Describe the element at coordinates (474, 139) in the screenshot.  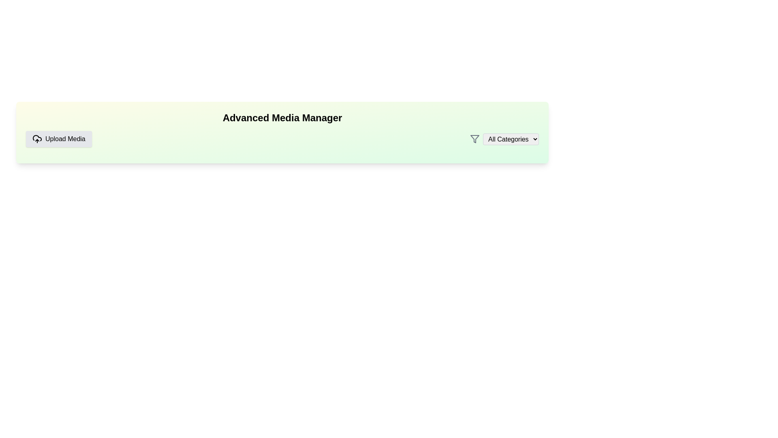
I see `the filter icon located at the top-right side of the interface, adjacent to the 'All Categories' dropdown` at that location.